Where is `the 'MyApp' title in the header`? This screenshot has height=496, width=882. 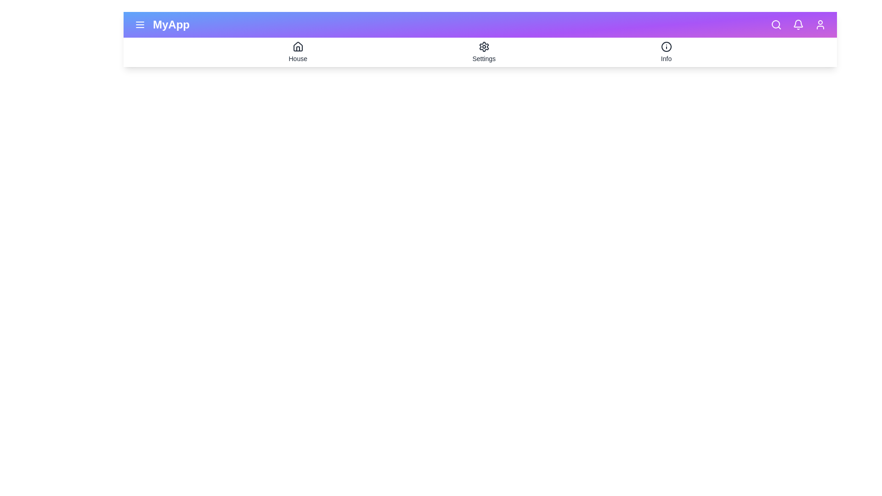 the 'MyApp' title in the header is located at coordinates (171, 24).